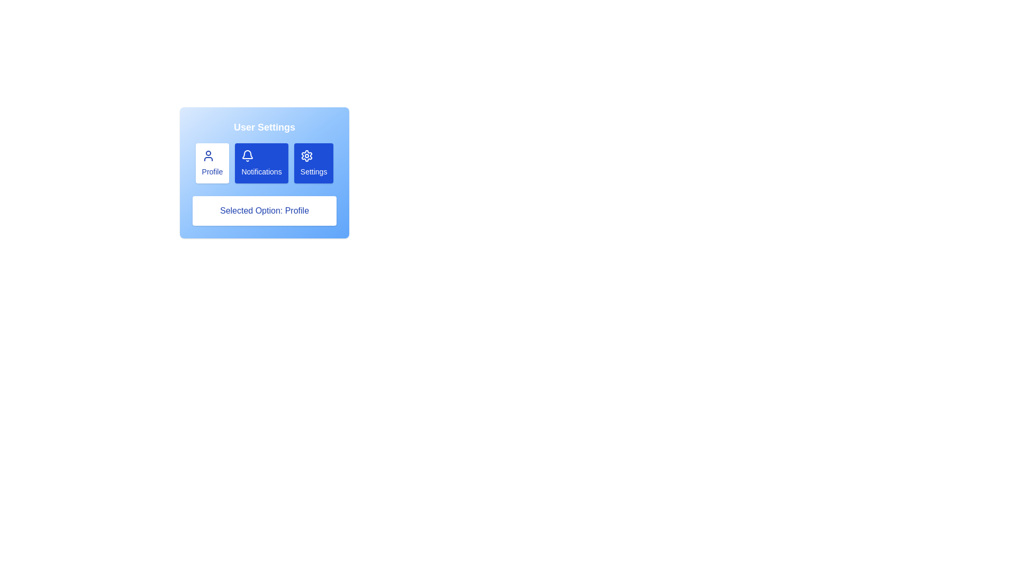  Describe the element at coordinates (212, 163) in the screenshot. I see `the button corresponding to the Profile section` at that location.